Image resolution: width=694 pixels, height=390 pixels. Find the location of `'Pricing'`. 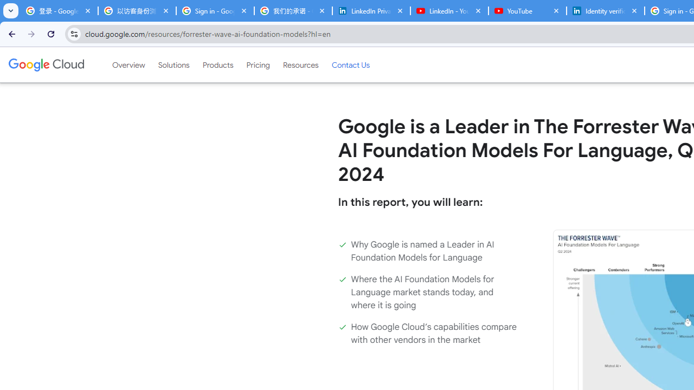

'Pricing' is located at coordinates (258, 64).